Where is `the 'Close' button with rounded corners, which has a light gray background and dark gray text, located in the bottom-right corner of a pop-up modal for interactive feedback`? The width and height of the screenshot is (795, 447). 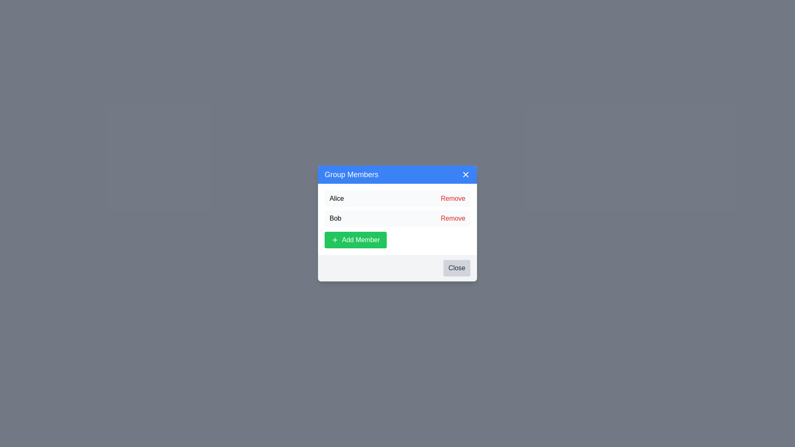 the 'Close' button with rounded corners, which has a light gray background and dark gray text, located in the bottom-right corner of a pop-up modal for interactive feedback is located at coordinates (456, 268).